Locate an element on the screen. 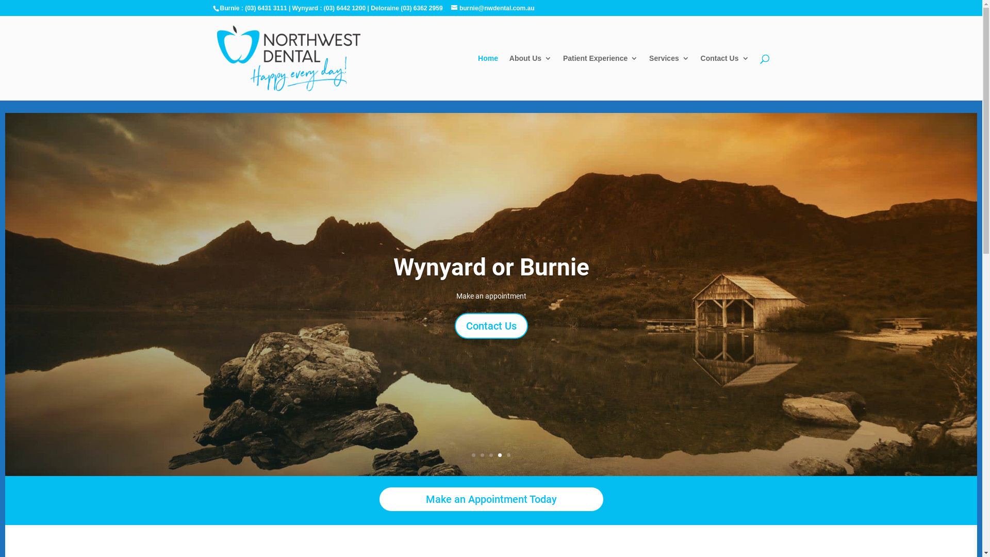 The image size is (990, 557). '3' is located at coordinates (489, 454).